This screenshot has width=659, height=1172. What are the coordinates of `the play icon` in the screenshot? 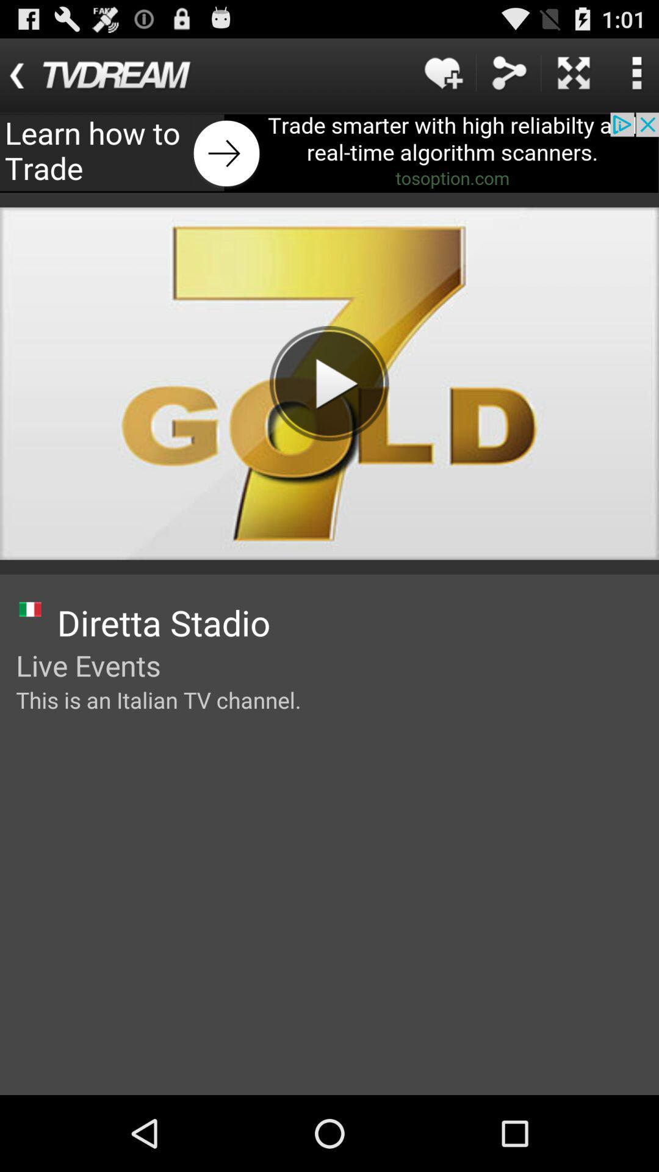 It's located at (328, 410).